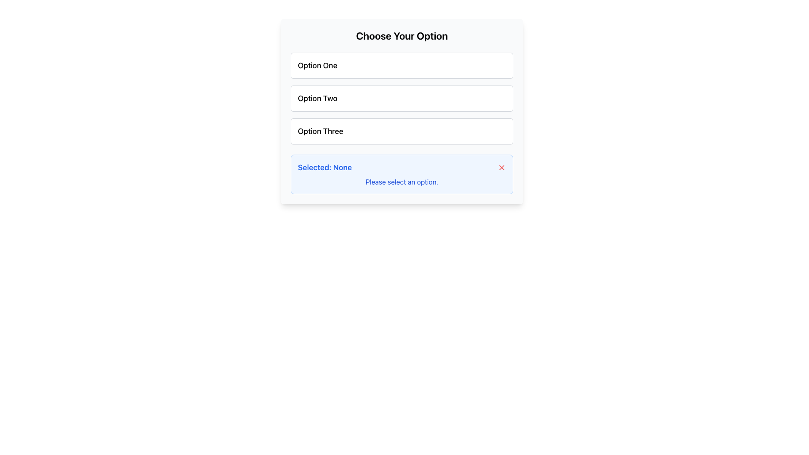 The image size is (809, 455). What do you see at coordinates (324, 167) in the screenshot?
I see `the text label displaying 'Selected: None', which is styled in large, bold, blue font within a light blue box at the bottom left of the interface` at bounding box center [324, 167].